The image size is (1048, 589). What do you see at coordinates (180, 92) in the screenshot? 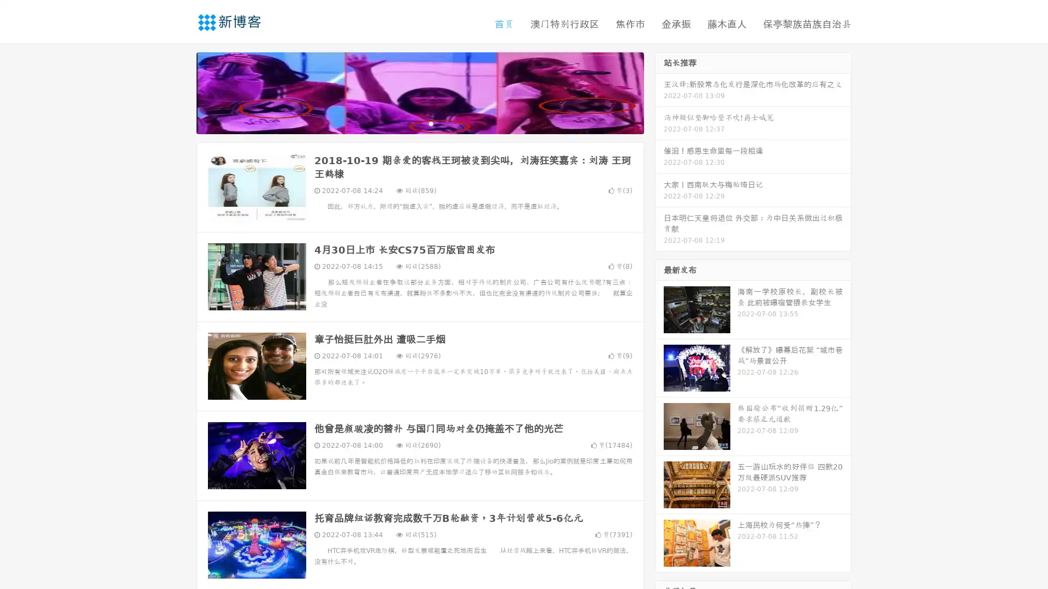
I see `Previous slide` at bounding box center [180, 92].